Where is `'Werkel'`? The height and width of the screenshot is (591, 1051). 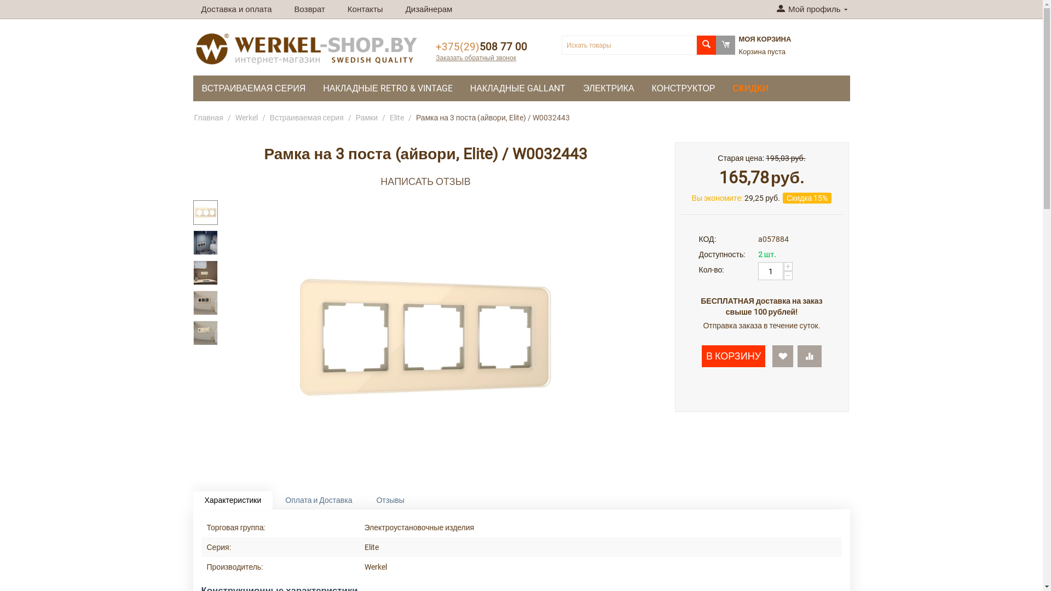
'Werkel' is located at coordinates (246, 118).